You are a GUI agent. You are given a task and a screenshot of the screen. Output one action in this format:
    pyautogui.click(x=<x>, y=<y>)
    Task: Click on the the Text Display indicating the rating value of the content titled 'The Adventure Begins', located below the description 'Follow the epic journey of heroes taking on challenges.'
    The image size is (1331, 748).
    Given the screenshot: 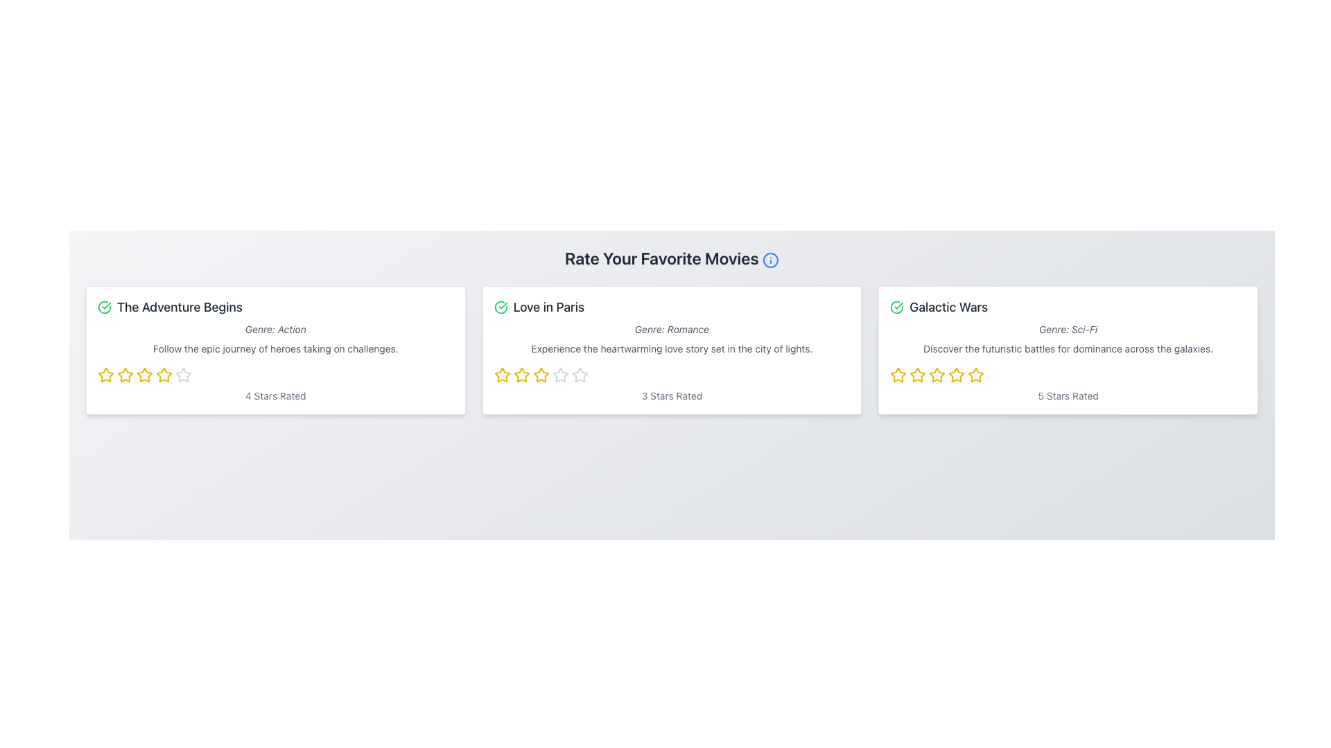 What is the action you would take?
    pyautogui.click(x=275, y=395)
    